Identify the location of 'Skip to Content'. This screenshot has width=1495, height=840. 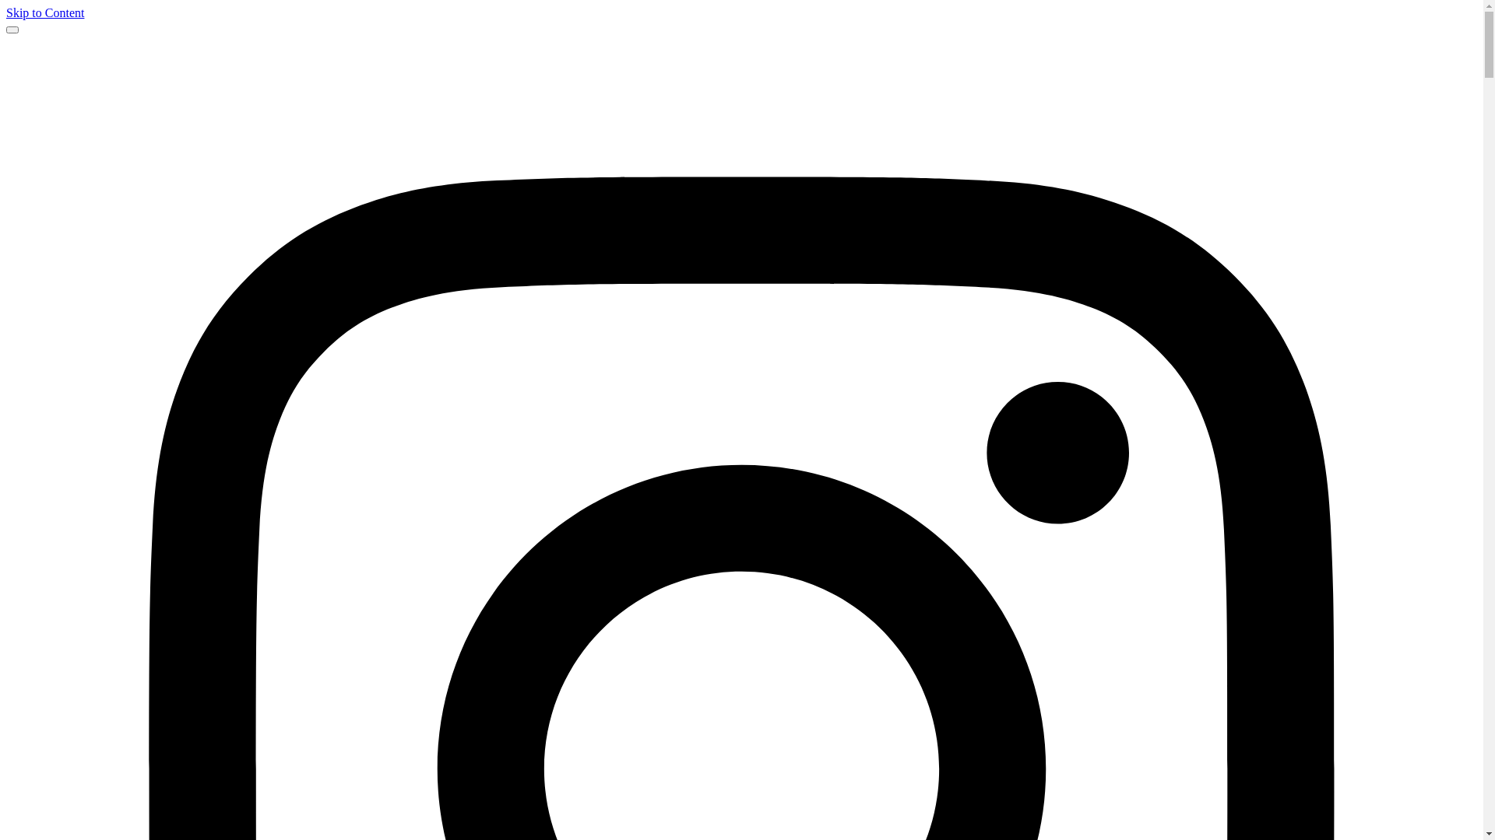
(6, 12).